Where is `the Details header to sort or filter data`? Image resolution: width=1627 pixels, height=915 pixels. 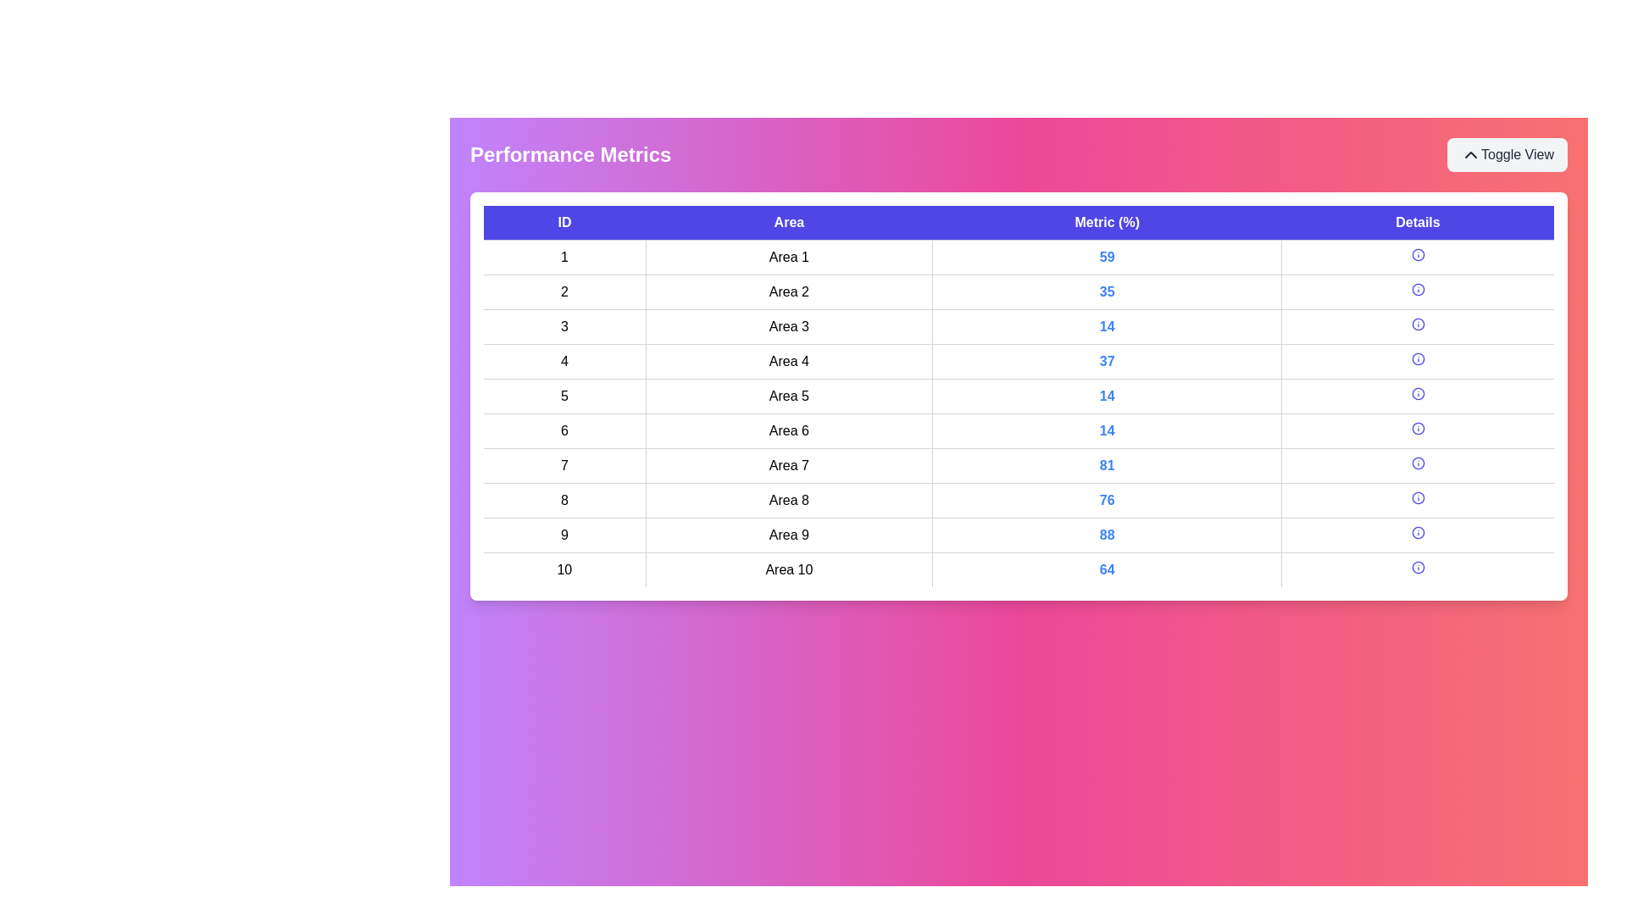
the Details header to sort or filter data is located at coordinates (1418, 222).